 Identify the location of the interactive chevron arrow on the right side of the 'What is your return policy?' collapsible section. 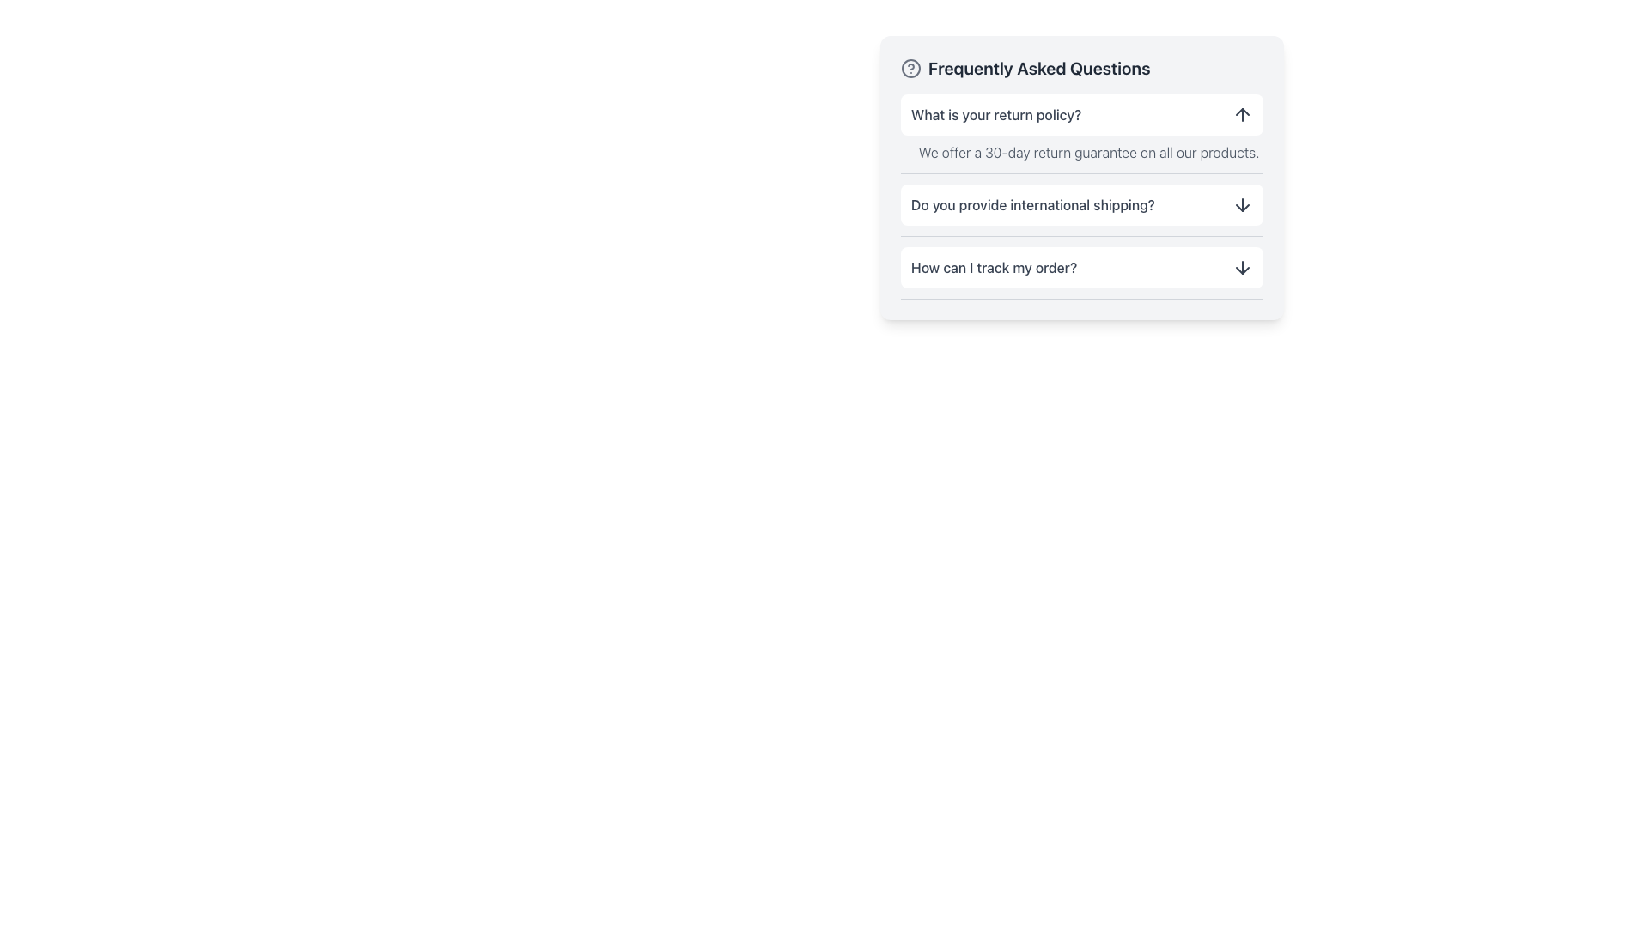
(1080, 133).